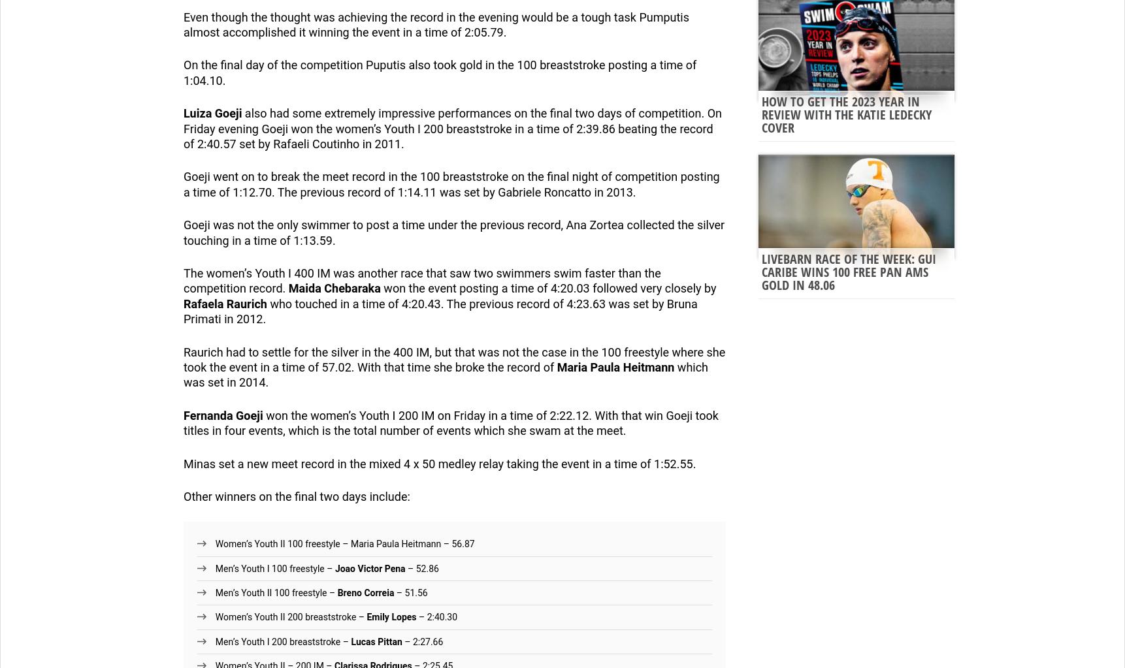  What do you see at coordinates (365, 592) in the screenshot?
I see `'Breno Correia'` at bounding box center [365, 592].